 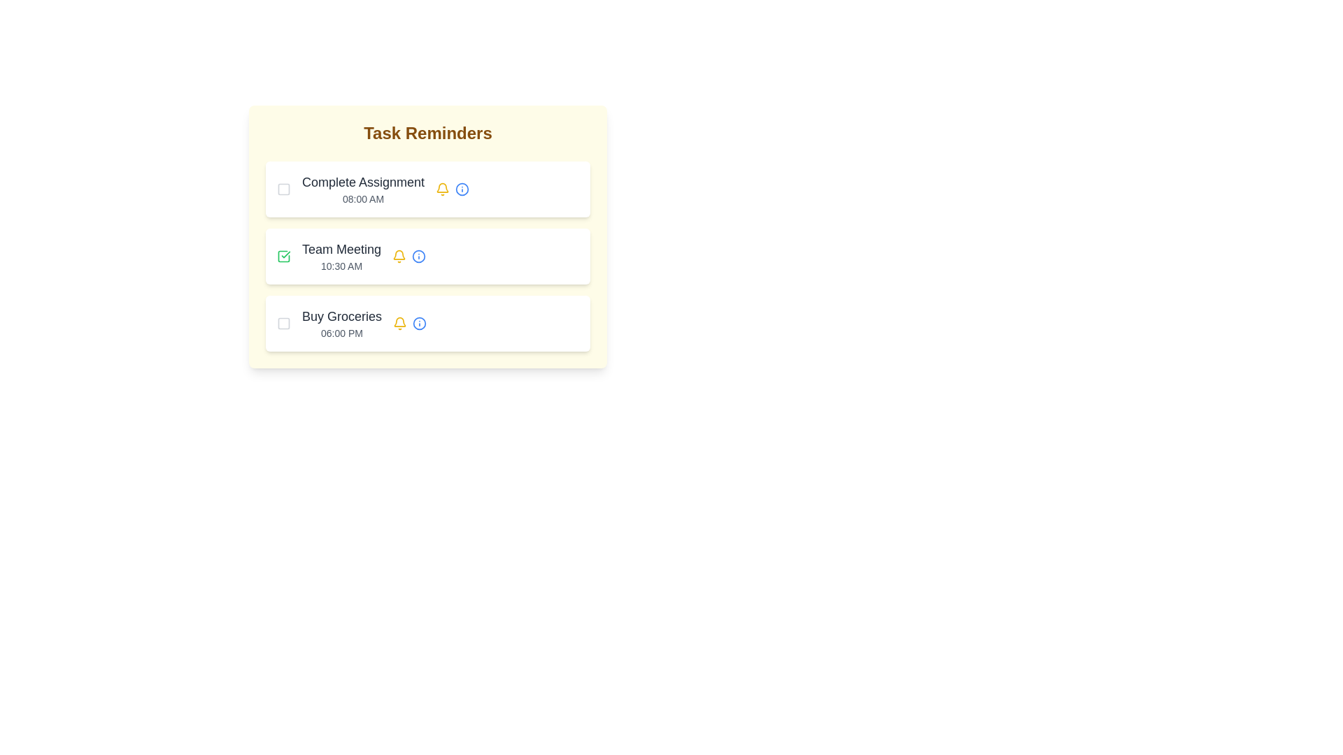 I want to click on the scheduled time label for the 'Team Meeting' event, which is the second item in the reminders list, directly beneath the 'Team Meeting' title, so click(x=341, y=266).